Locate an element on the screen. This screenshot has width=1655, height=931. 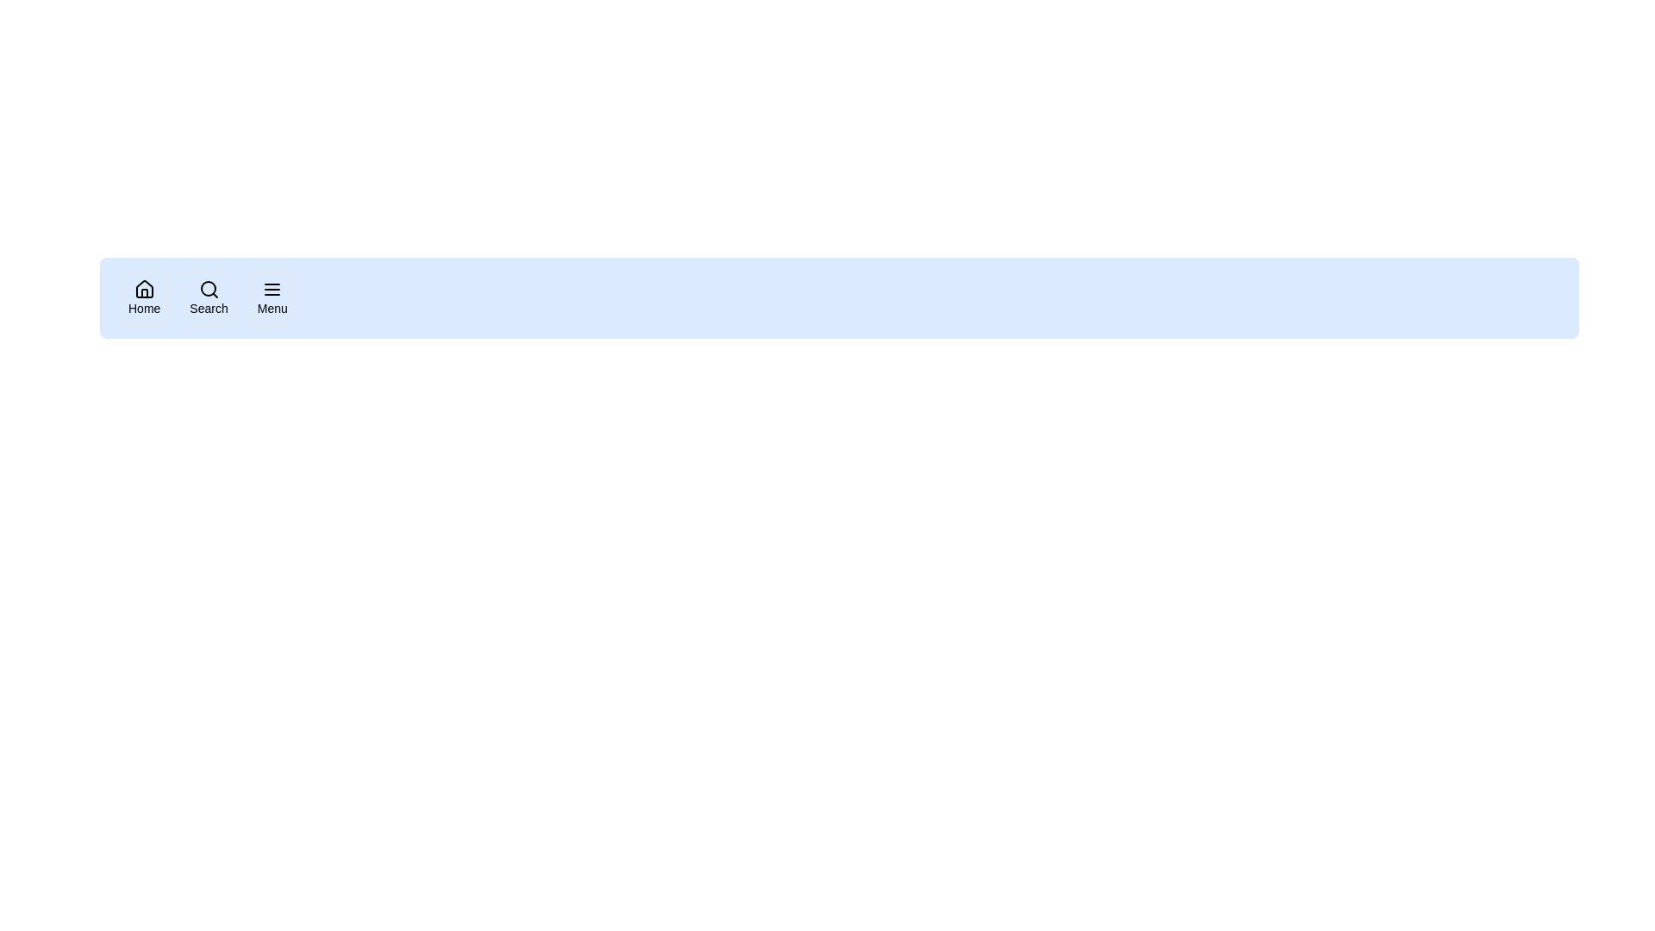
the 'Menu' button, which is a rectangular button with rounded corners containing a triple-line icon and the text 'Menu' below it is located at coordinates (272, 297).